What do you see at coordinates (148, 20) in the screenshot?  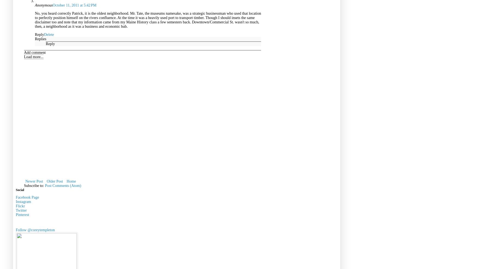 I see `'No, you heard correctly Patrick, it is the oldest neighborhood. Mr. Tate, the museums namesake, was a strategic businessman who used that location to perfectly position himself on the rivers confluence. At the time it was a heavily used port to transport timber. Though I should insets the same disclaimer too and note that my information came from my Maine History class a few semesters back. Downtown/Commercial St. wasn't so much, then, a neighborhood as it was a business and economic hub.'` at bounding box center [148, 20].